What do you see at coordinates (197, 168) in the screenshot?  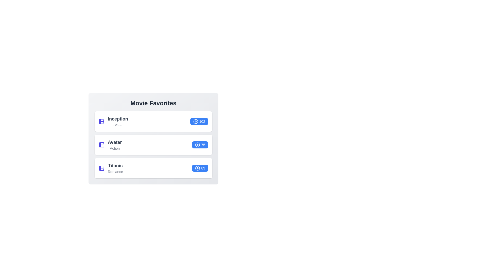 I see `the vote icon next to the movie Titanic` at bounding box center [197, 168].